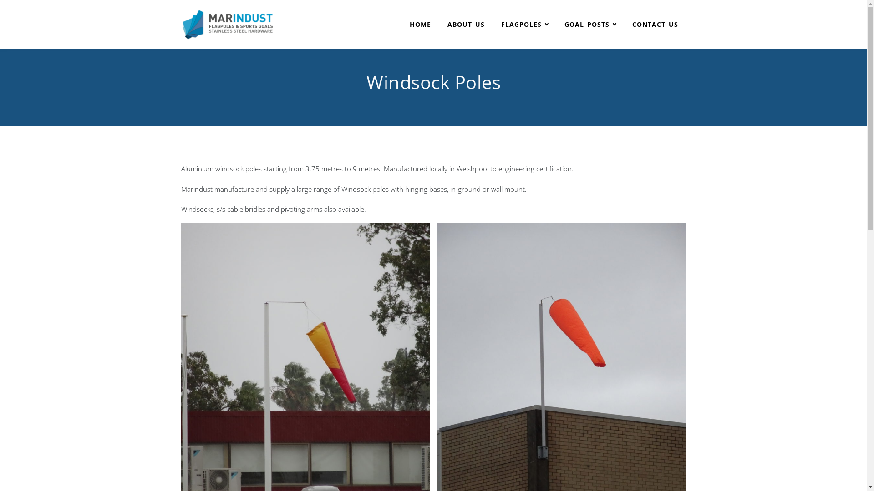 This screenshot has height=491, width=874. I want to click on 'ABOUT US', so click(465, 24).